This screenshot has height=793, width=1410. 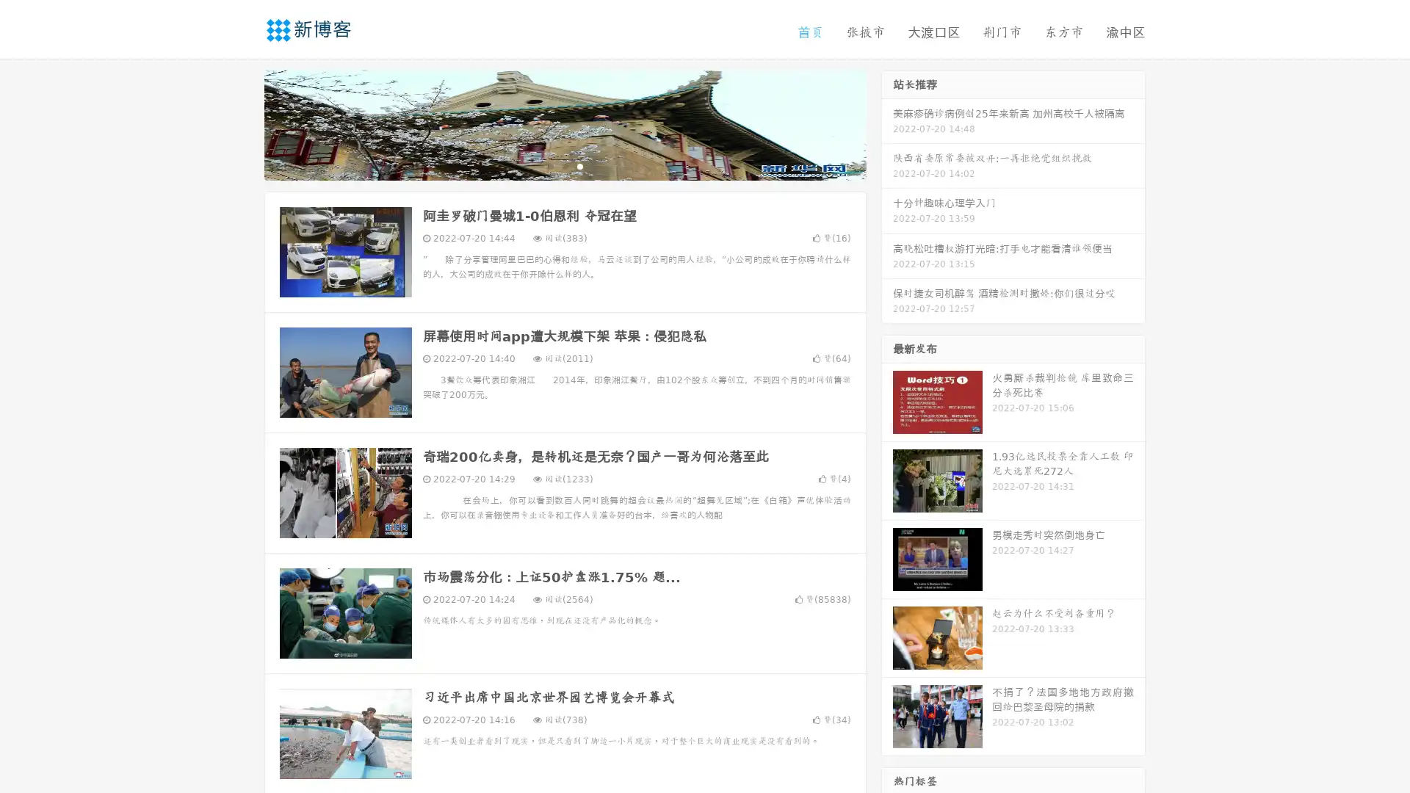 I want to click on Go to slide 3, so click(x=579, y=165).